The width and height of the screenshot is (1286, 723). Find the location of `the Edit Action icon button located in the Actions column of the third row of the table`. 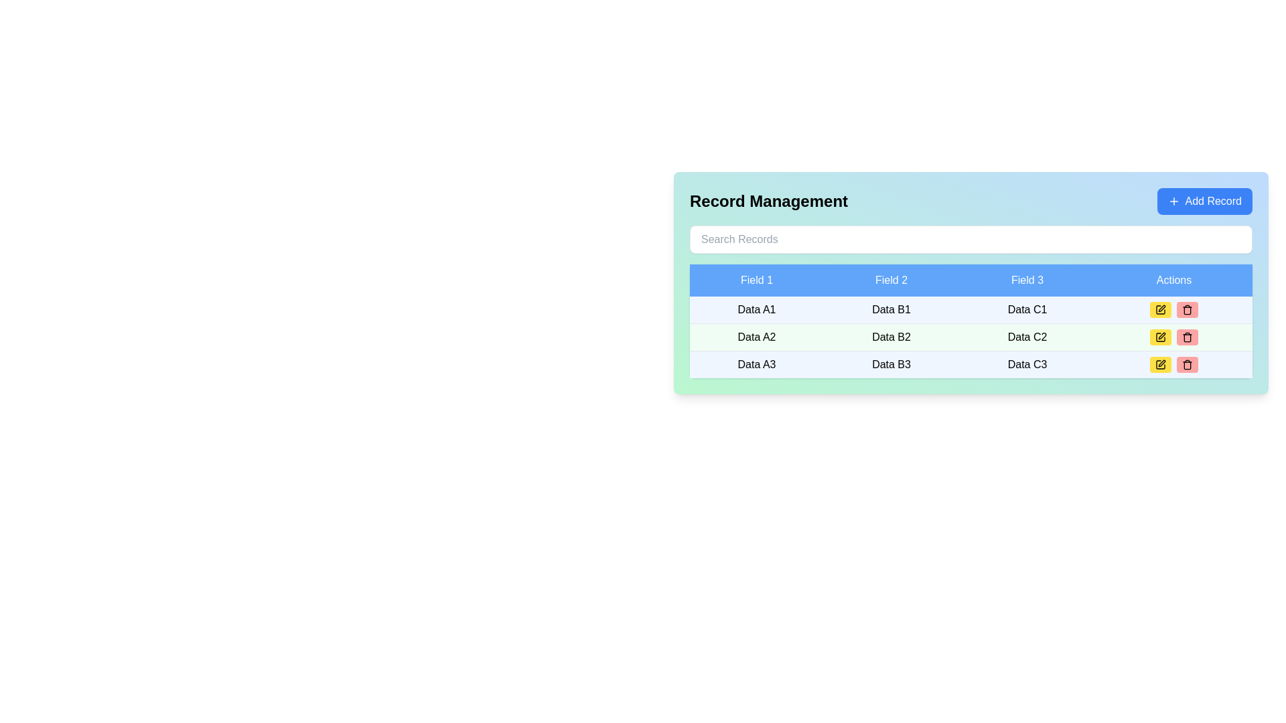

the Edit Action icon button located in the Actions column of the third row of the table is located at coordinates (1161, 309).